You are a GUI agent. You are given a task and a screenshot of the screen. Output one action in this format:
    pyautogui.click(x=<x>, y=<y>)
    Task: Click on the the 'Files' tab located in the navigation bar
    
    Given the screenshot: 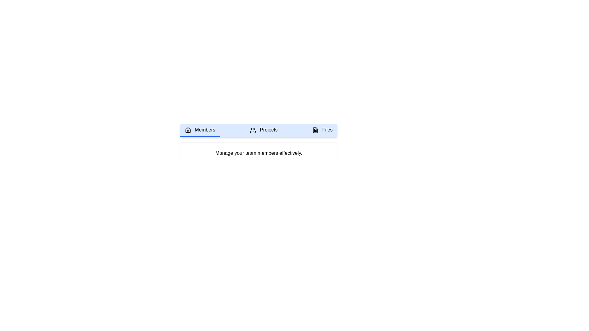 What is the action you would take?
    pyautogui.click(x=322, y=130)
    